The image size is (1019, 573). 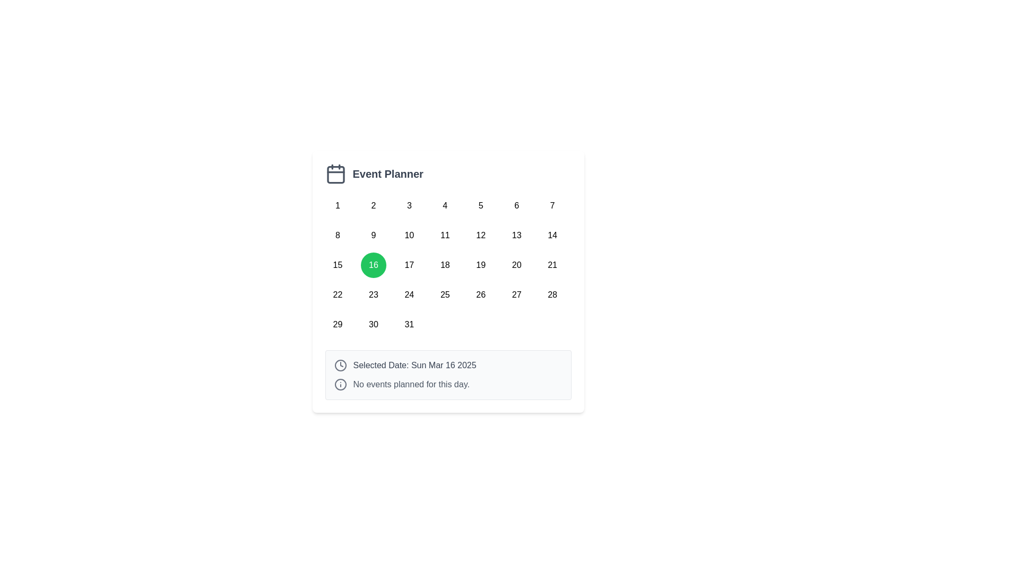 What do you see at coordinates (337, 294) in the screenshot?
I see `the rounded square button with a white background and black text displaying the number '22' located in the sixth row and first column of the calendar grid` at bounding box center [337, 294].